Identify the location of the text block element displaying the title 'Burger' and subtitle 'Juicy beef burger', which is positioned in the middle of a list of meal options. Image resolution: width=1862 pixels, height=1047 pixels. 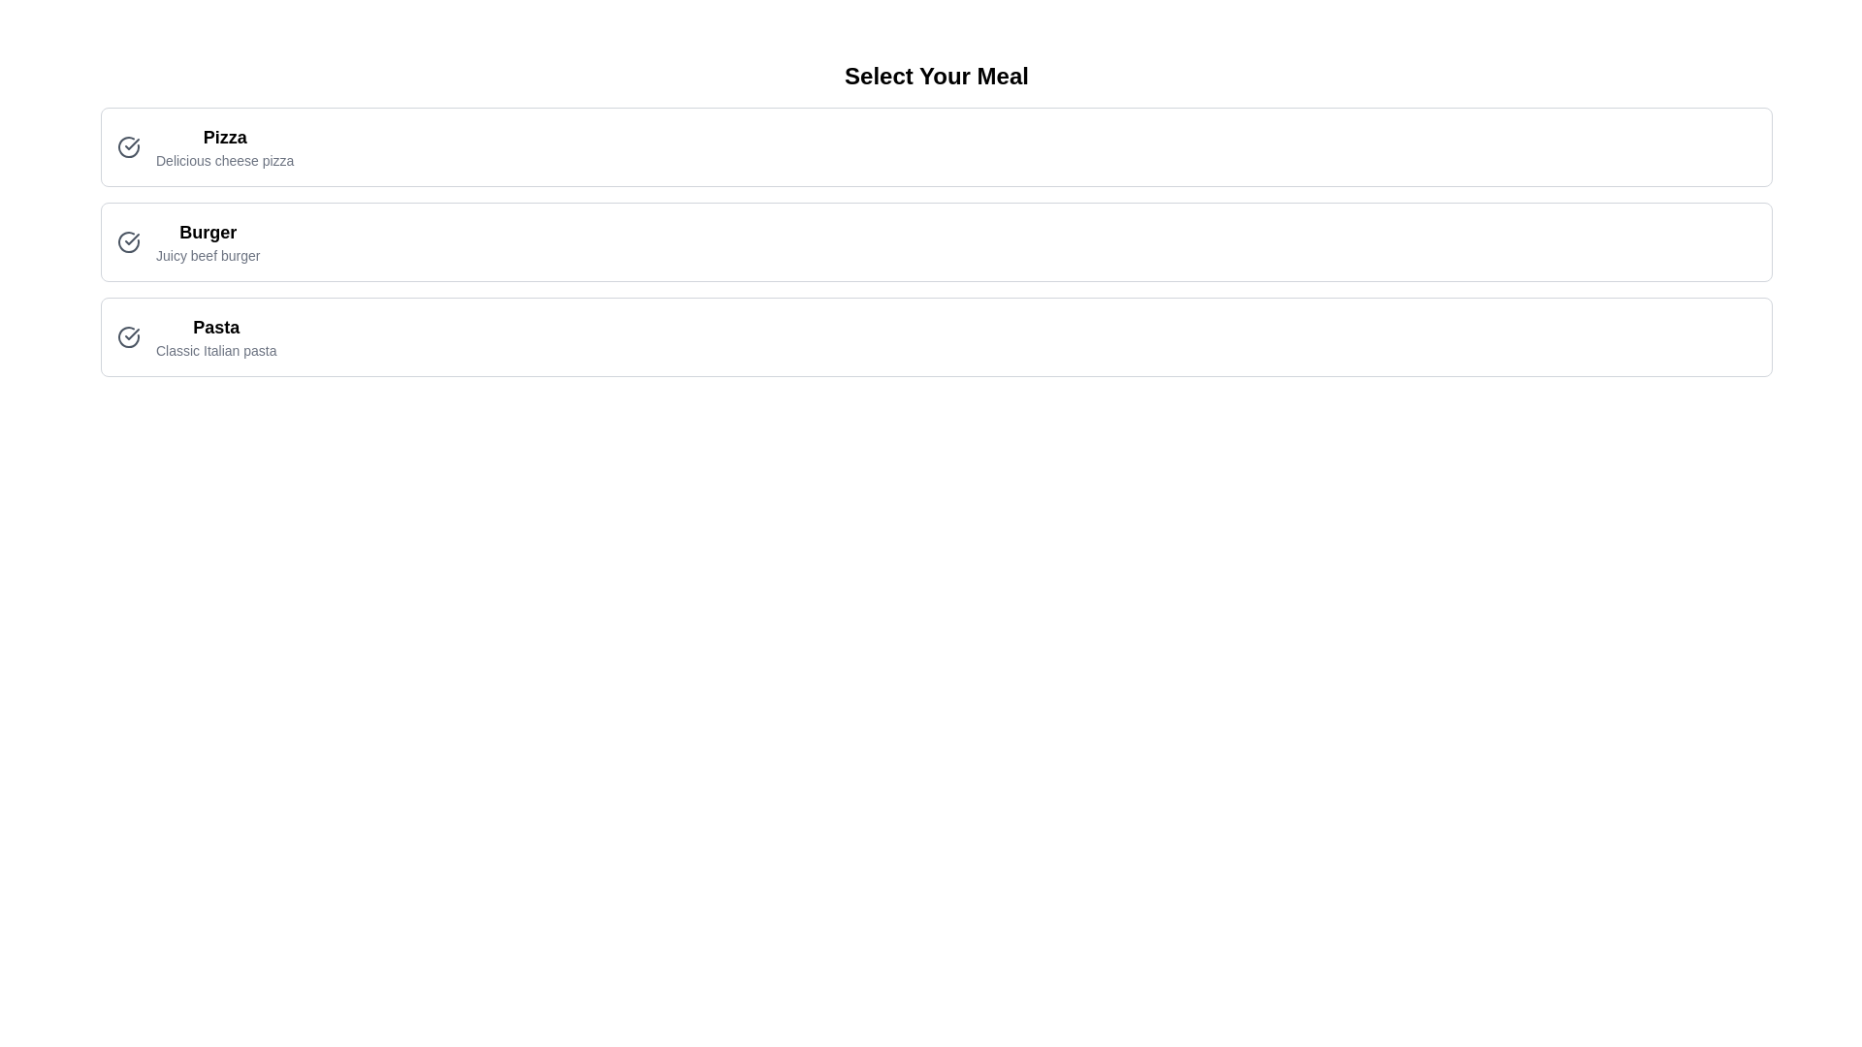
(208, 241).